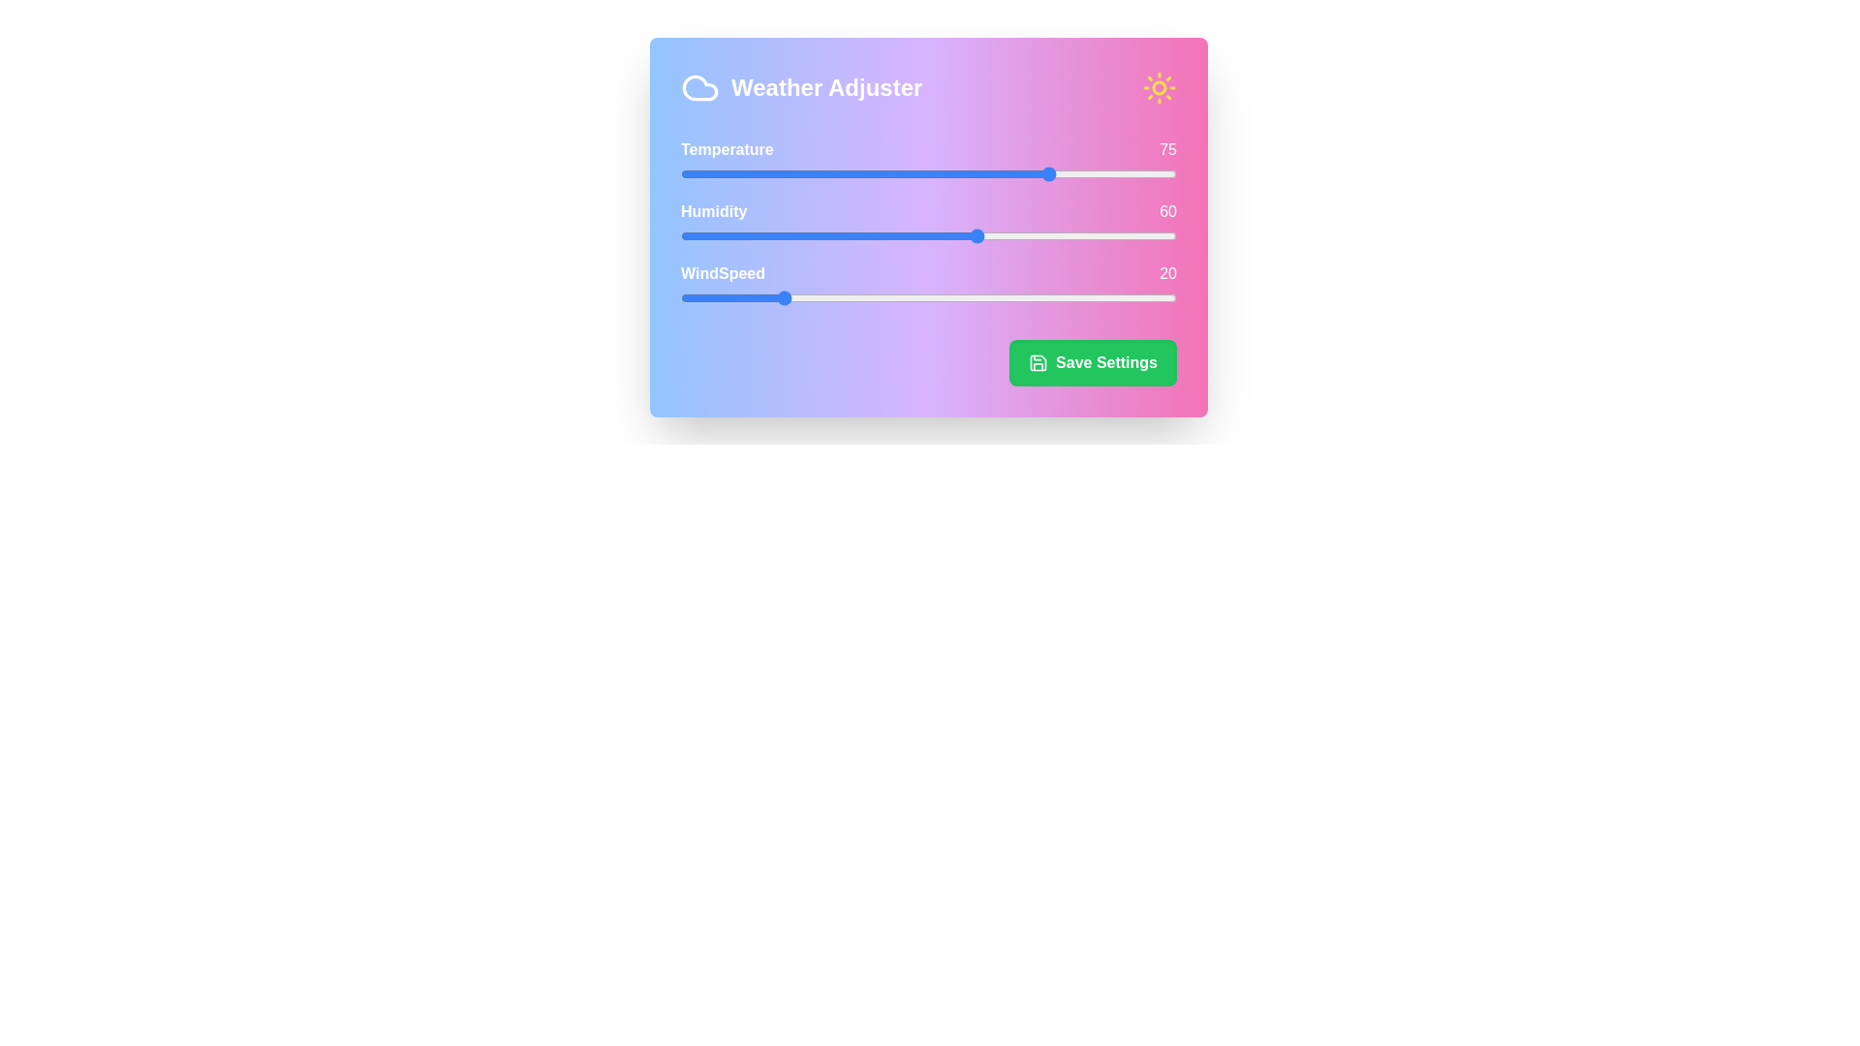 The image size is (1860, 1046). What do you see at coordinates (1027, 298) in the screenshot?
I see `the wind speed` at bounding box center [1027, 298].